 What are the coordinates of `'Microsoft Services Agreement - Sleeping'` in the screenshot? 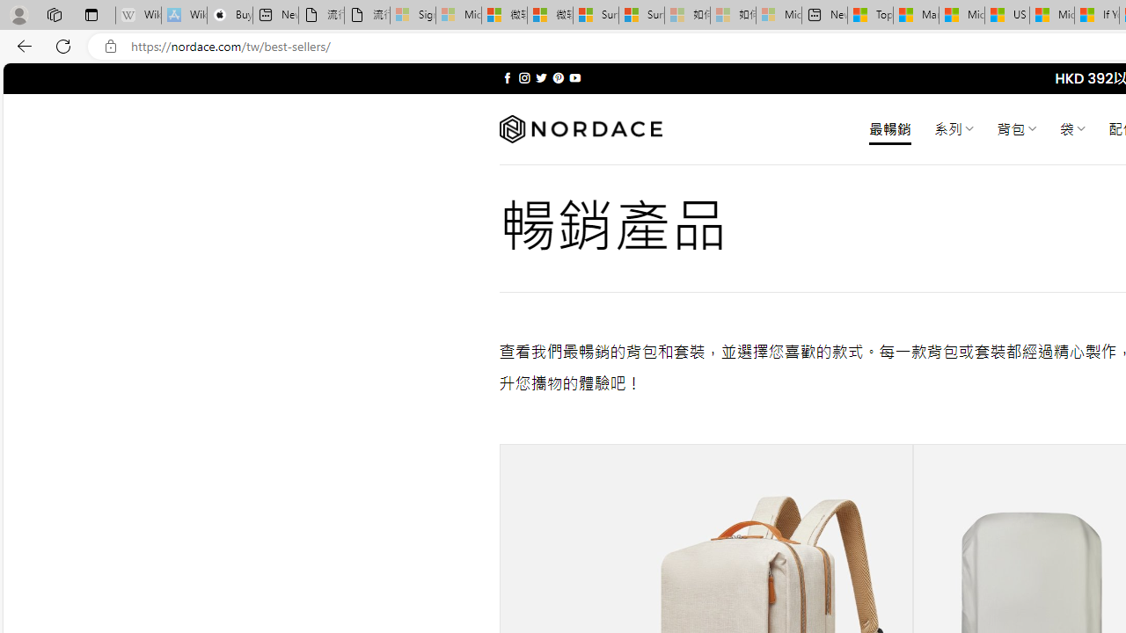 It's located at (457, 15).